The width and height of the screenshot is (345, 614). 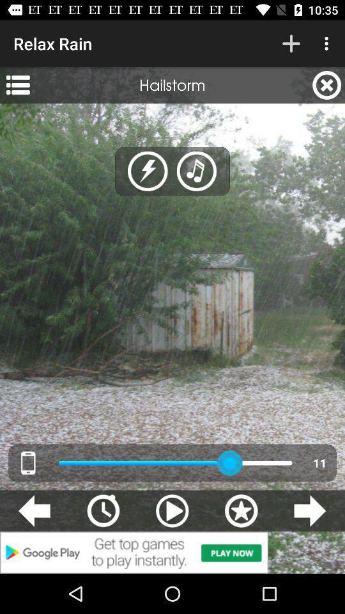 What do you see at coordinates (172, 510) in the screenshot?
I see `the play icon` at bounding box center [172, 510].